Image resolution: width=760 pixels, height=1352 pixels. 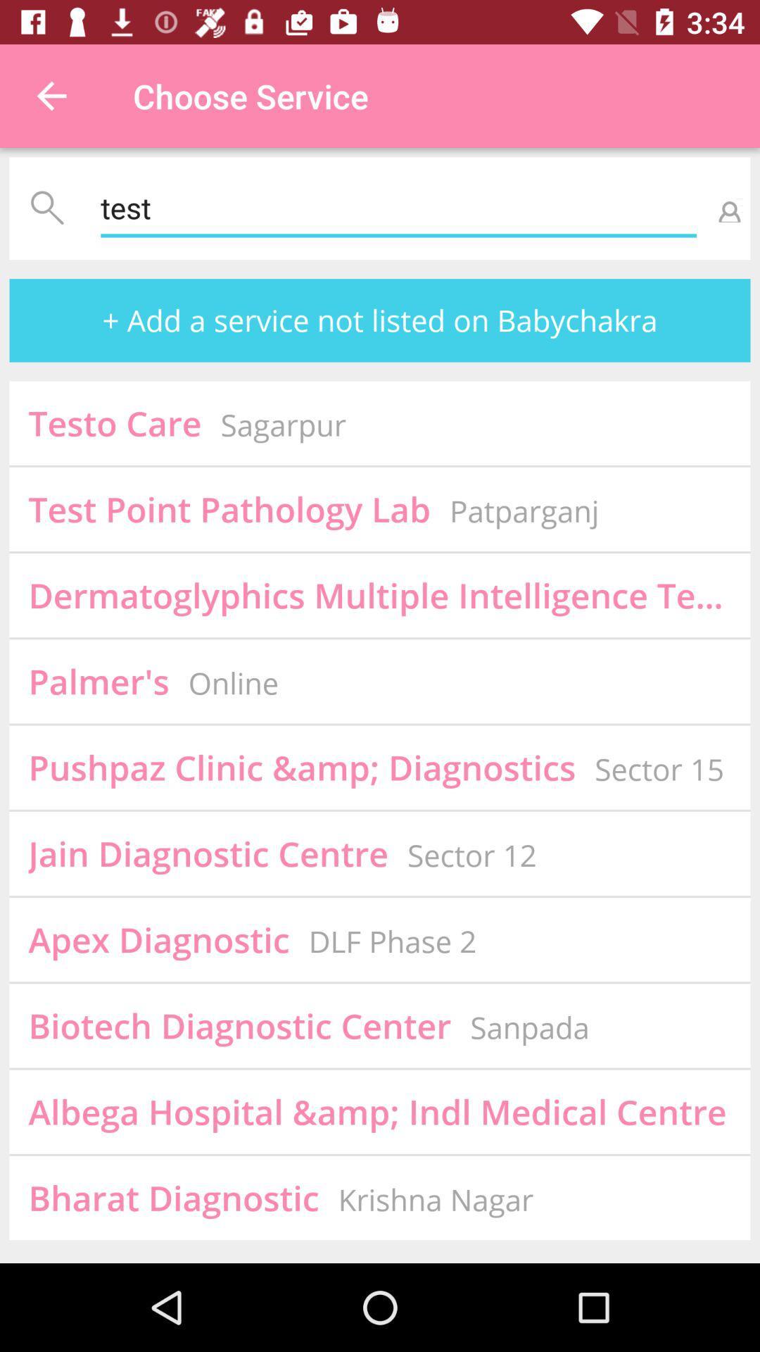 I want to click on the sector 15, so click(x=659, y=768).